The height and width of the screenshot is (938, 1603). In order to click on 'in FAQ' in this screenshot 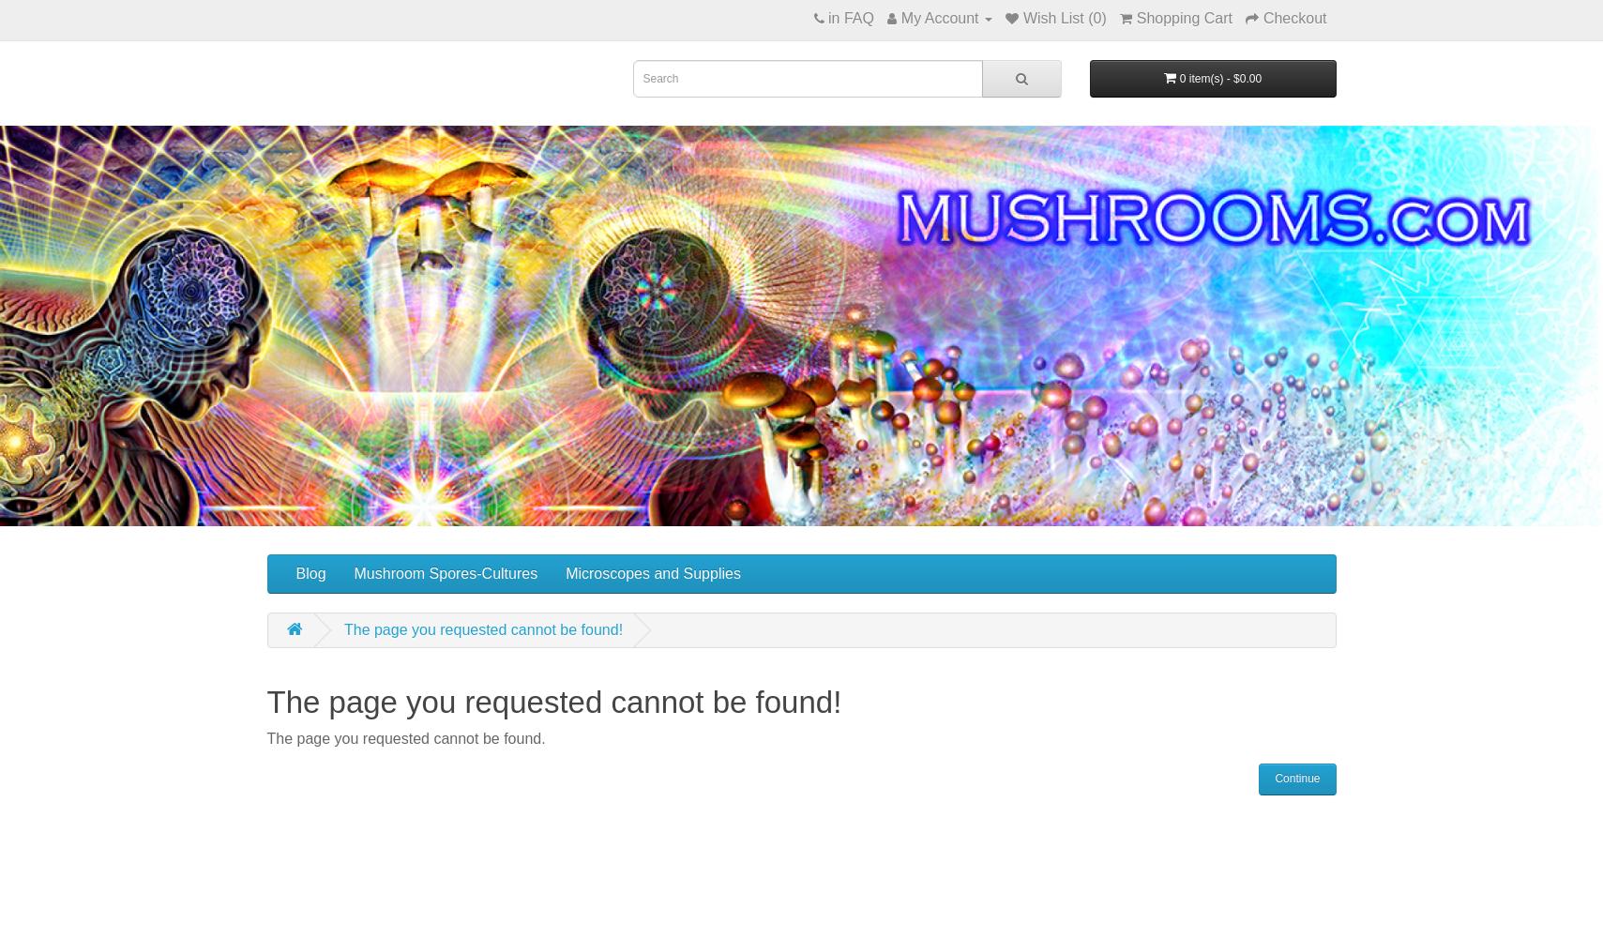, I will do `click(828, 18)`.